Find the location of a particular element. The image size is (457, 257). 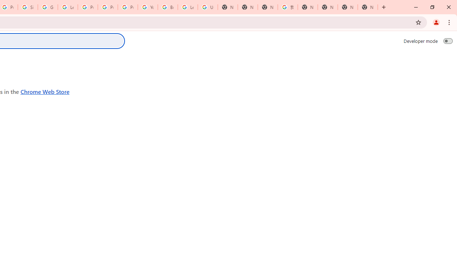

'Developer mode' is located at coordinates (448, 41).